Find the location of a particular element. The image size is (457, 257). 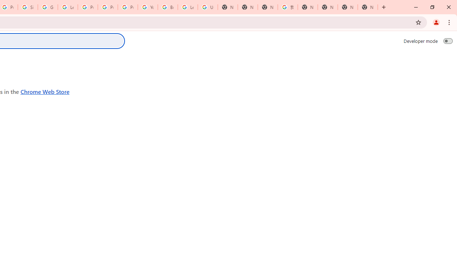

'Developer mode' is located at coordinates (448, 41).